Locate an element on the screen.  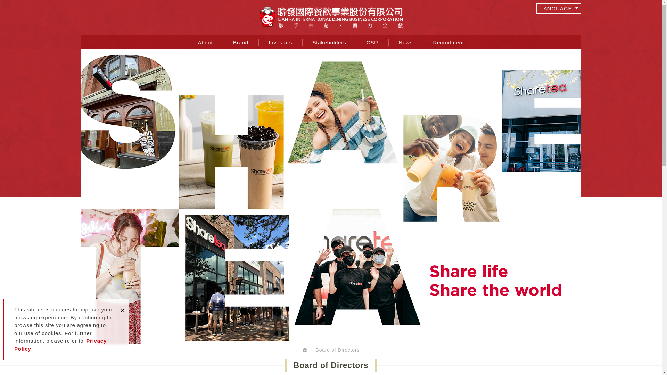
'Recruitment' is located at coordinates (448, 42).